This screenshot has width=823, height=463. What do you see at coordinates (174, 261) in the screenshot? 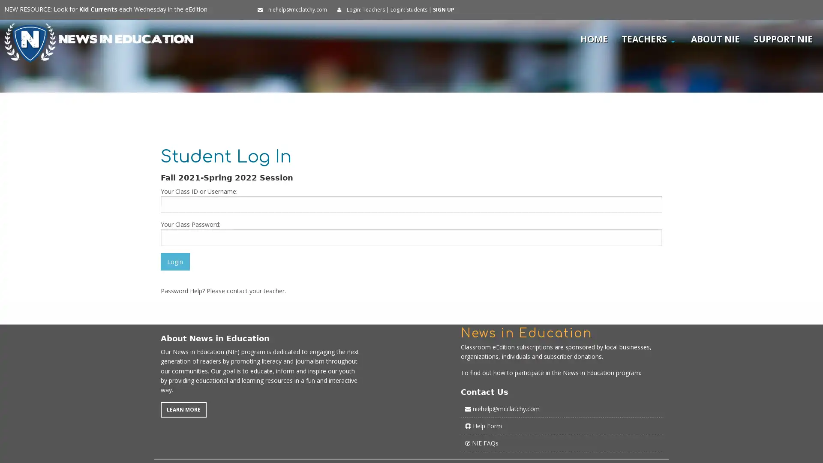
I see `Login` at bounding box center [174, 261].